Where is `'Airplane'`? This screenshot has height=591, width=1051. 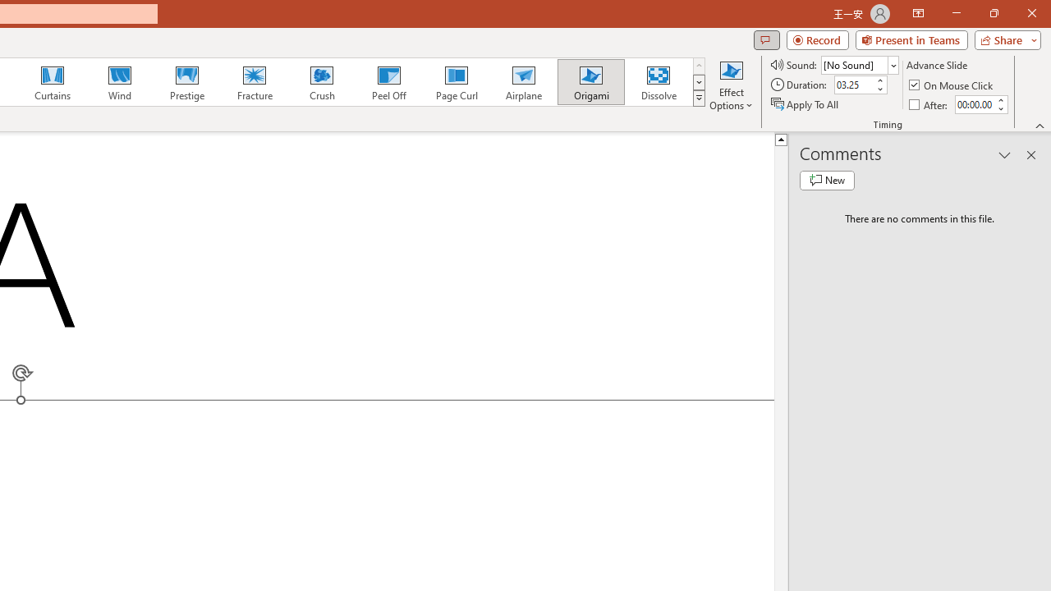
'Airplane' is located at coordinates (522, 82).